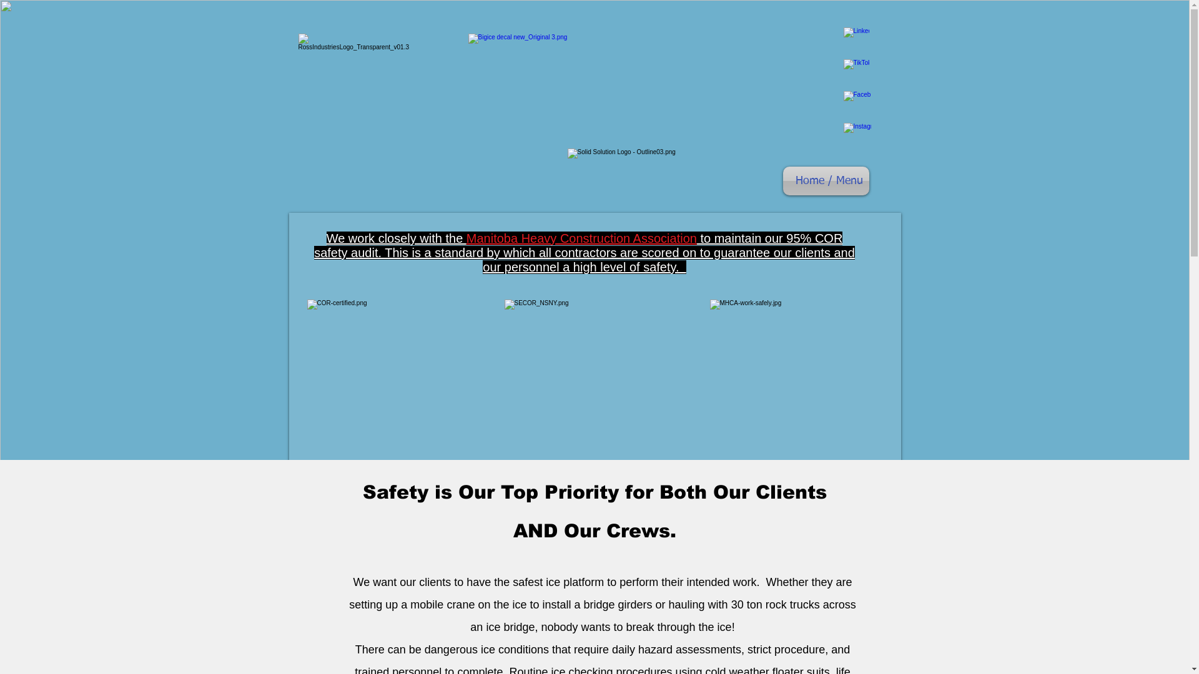 This screenshot has width=1199, height=674. Describe the element at coordinates (632, 172) in the screenshot. I see `'Solid Solution Logo - refined_Transparen'` at that location.